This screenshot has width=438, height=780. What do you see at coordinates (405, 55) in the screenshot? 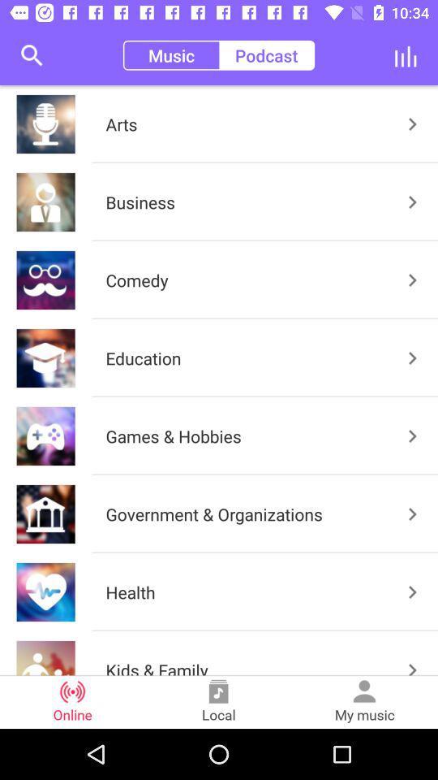
I see `the sliders icon` at bounding box center [405, 55].